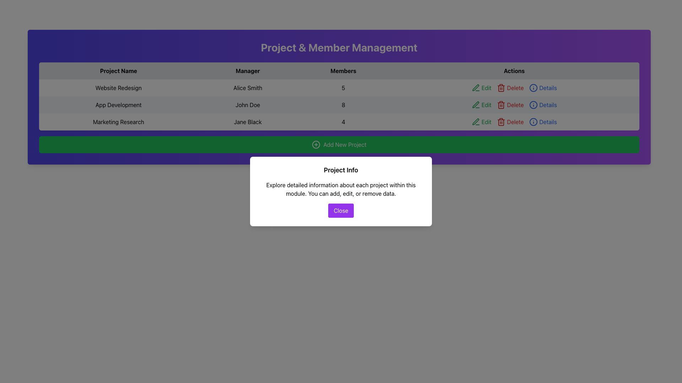  Describe the element at coordinates (343, 105) in the screenshot. I see `the text field displaying the number of members associated with the 'App Development' project, located in the third column of the second row under the 'Members' heading` at that location.